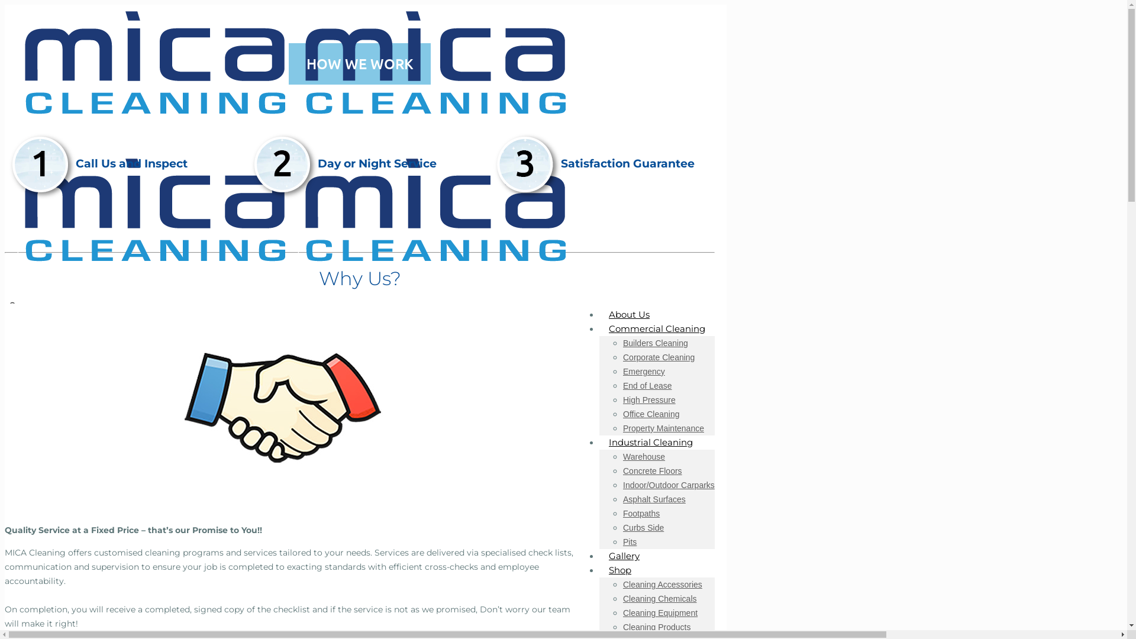  Describe the element at coordinates (359, 324) in the screenshot. I see `'0` at that location.